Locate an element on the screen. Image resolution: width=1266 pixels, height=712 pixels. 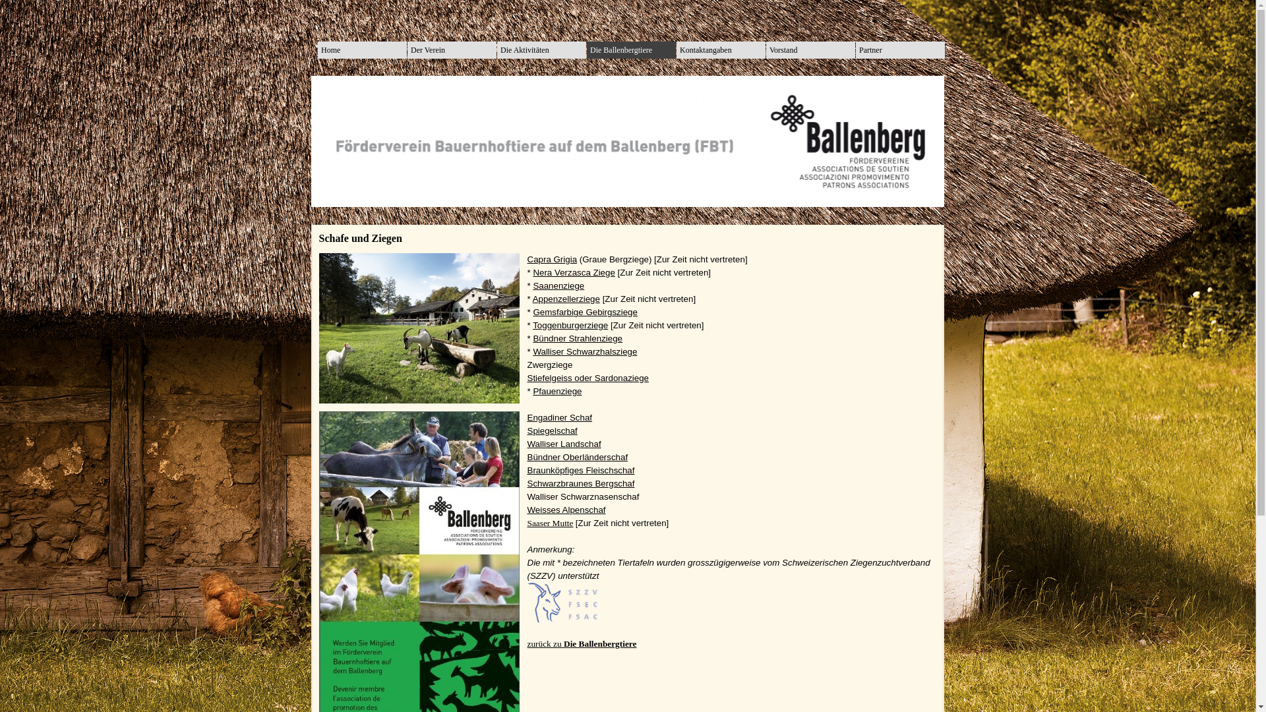
'Walliser Landschaf' is located at coordinates (564, 444).